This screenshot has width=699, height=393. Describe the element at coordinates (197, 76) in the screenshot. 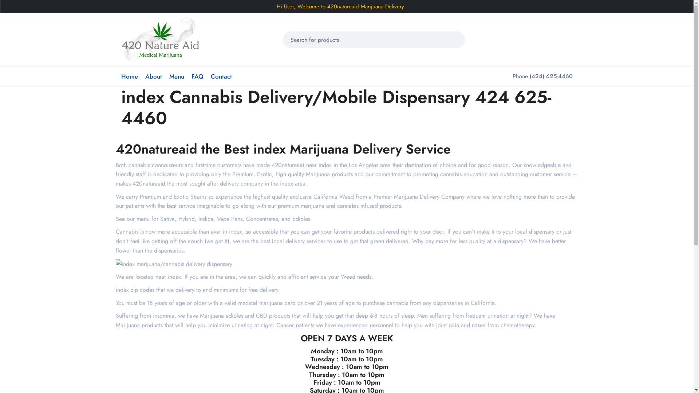

I see `'FAQ'` at that location.